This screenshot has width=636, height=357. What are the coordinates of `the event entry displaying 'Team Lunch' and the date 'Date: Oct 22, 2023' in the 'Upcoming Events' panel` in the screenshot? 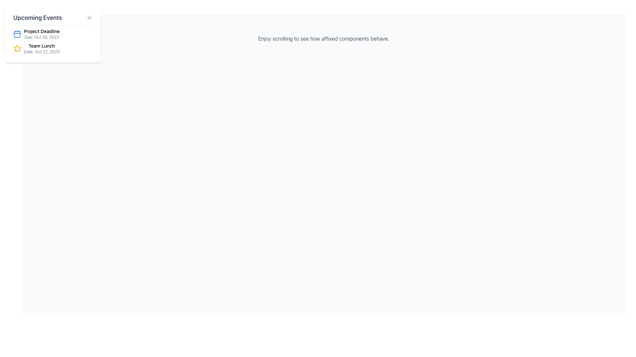 It's located at (52, 48).